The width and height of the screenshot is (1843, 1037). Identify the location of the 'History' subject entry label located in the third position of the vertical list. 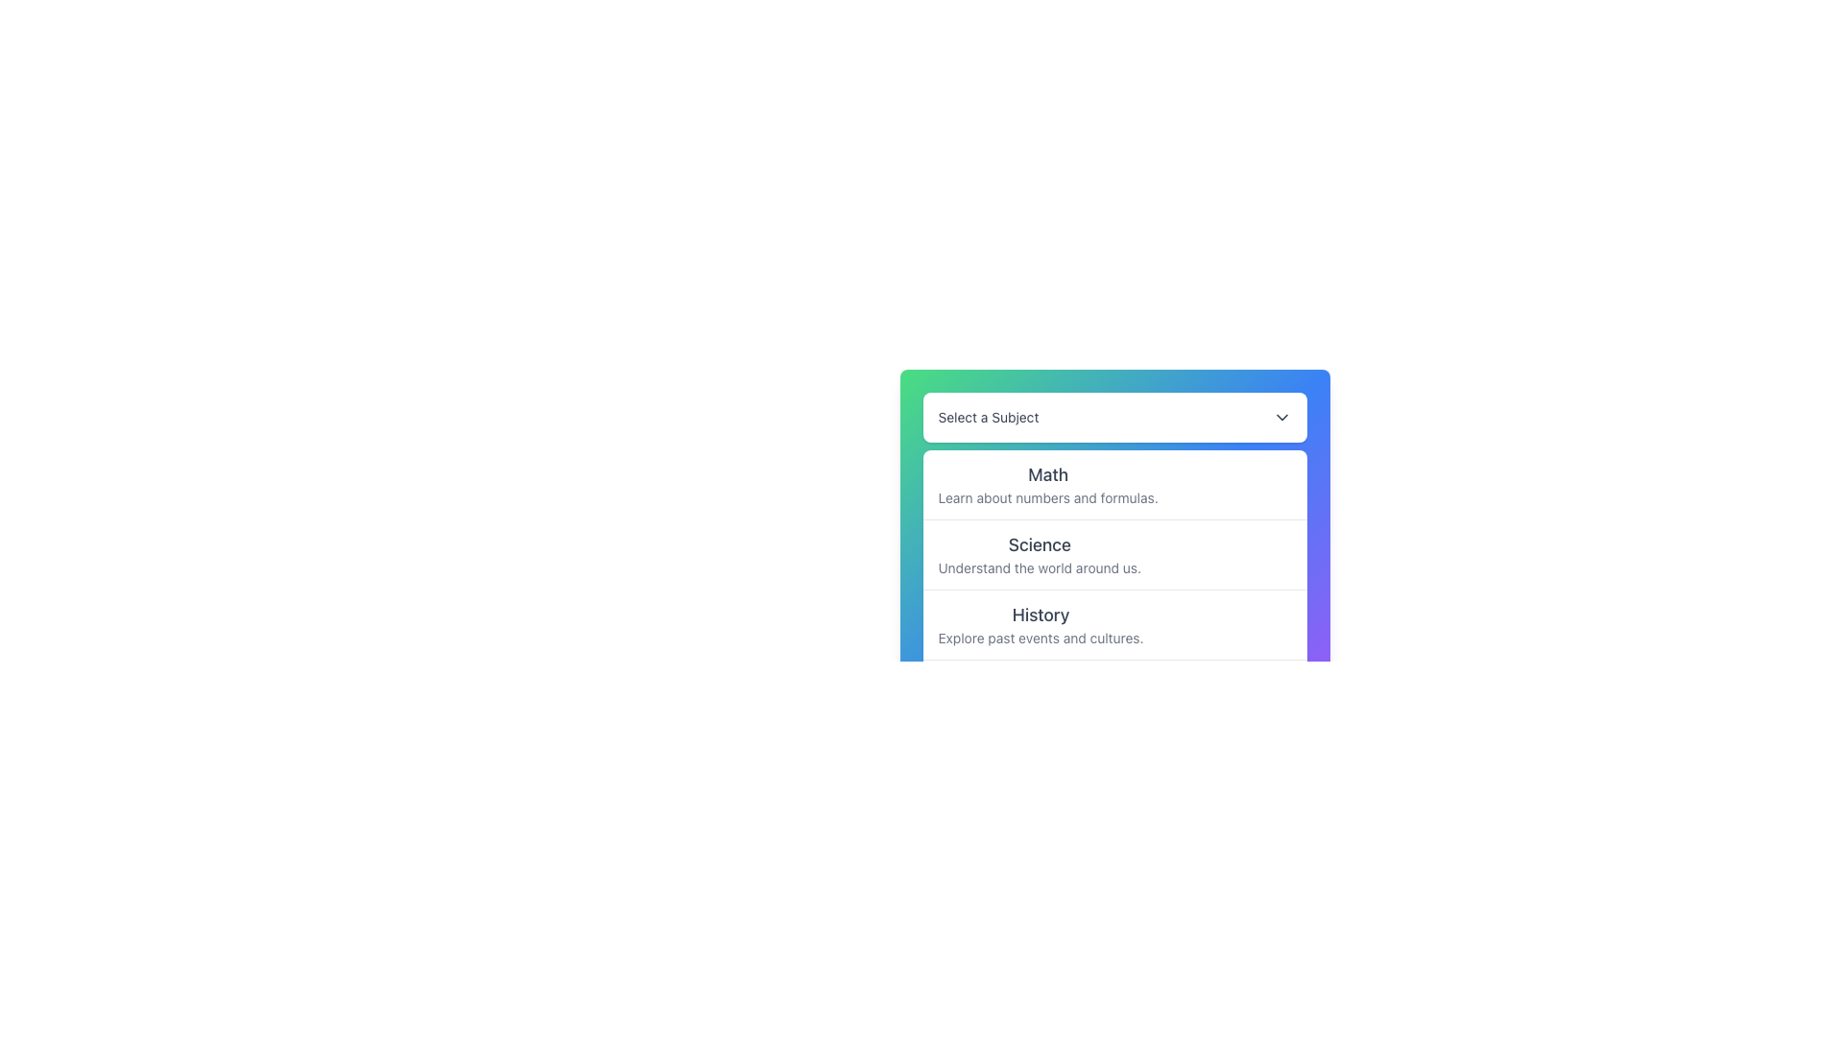
(1040, 615).